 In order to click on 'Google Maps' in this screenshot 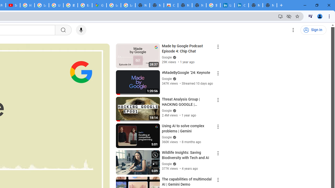, I will do `click(99, 5)`.